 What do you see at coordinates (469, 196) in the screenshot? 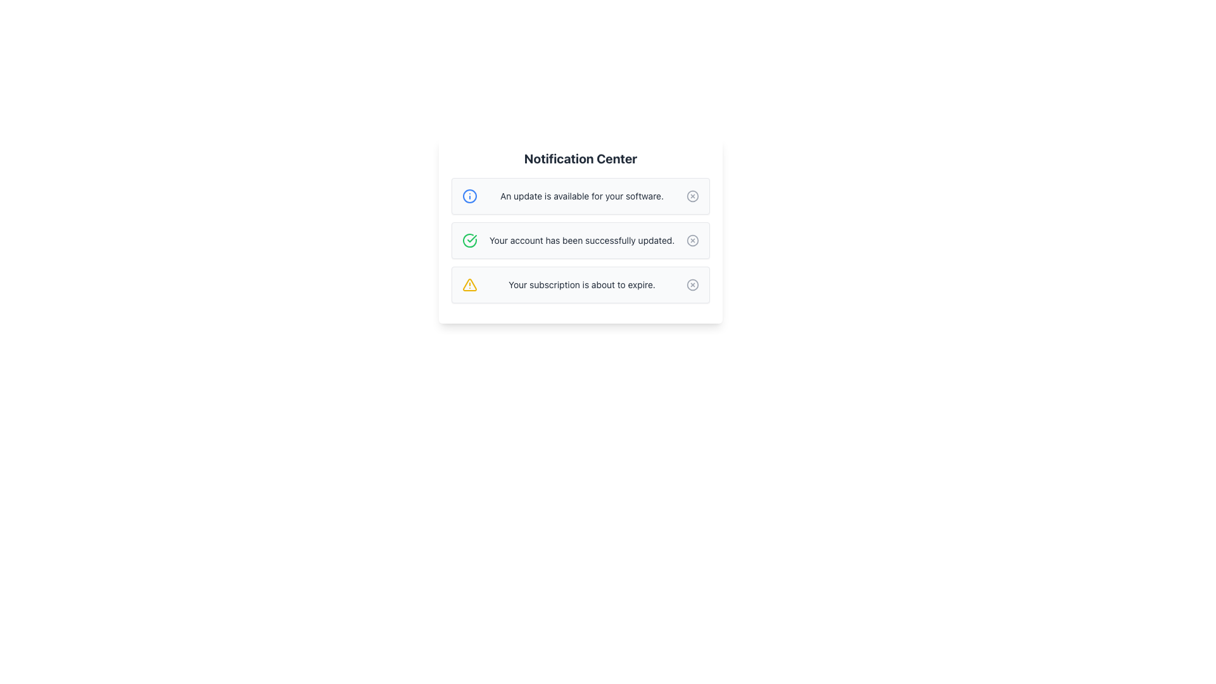
I see `the Circle SVG element representing the first notification, indicating an update is available for your software` at bounding box center [469, 196].